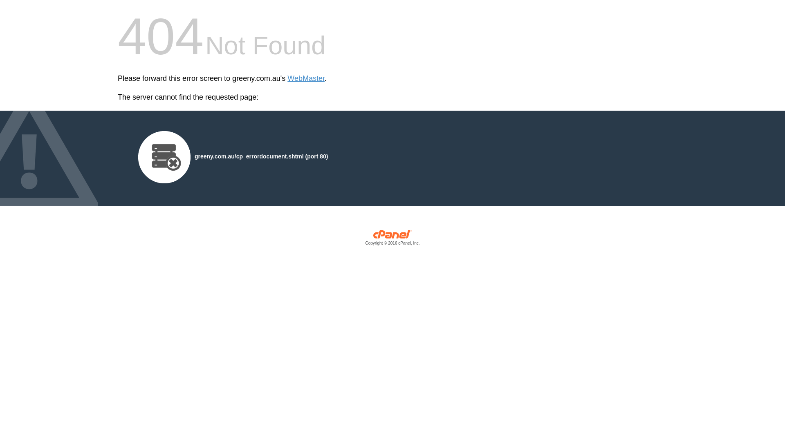  What do you see at coordinates (305, 78) in the screenshot?
I see `'WebMaster'` at bounding box center [305, 78].